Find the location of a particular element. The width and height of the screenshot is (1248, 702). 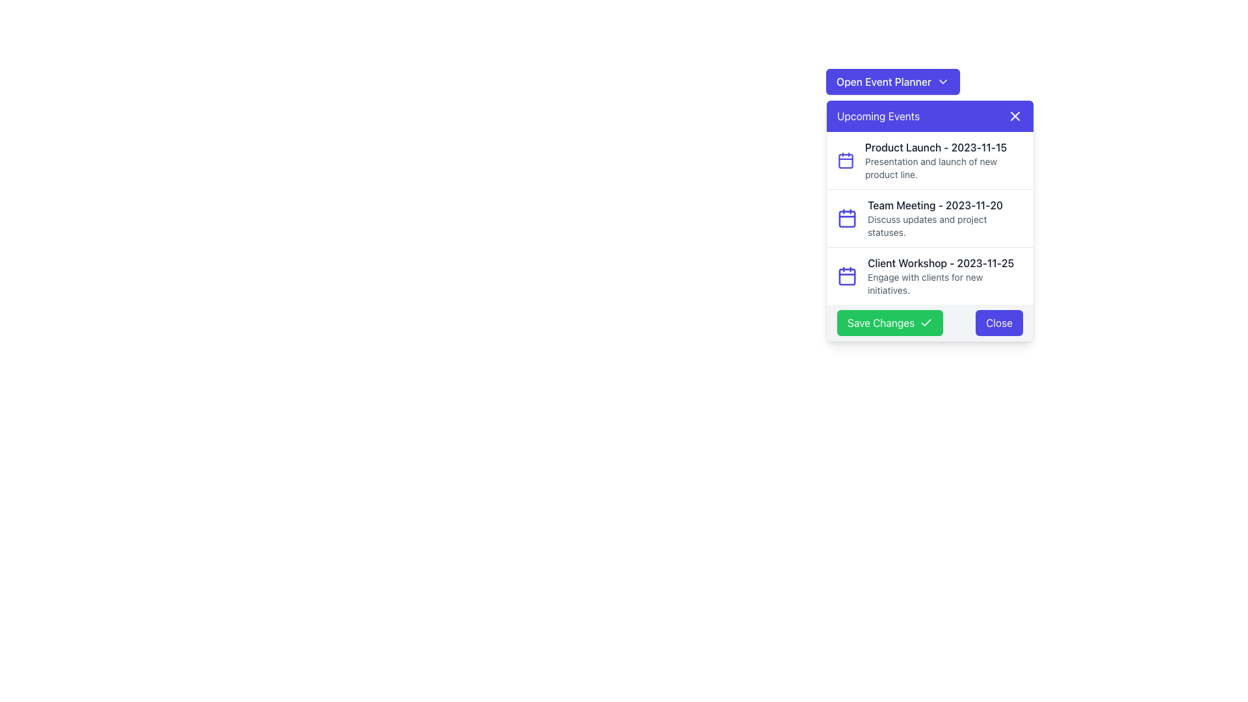

the text label providing a brief description of the event 'Product Launch - 2023-11-15', located underneath the title in the 'Upcoming Events' section is located at coordinates (944, 167).